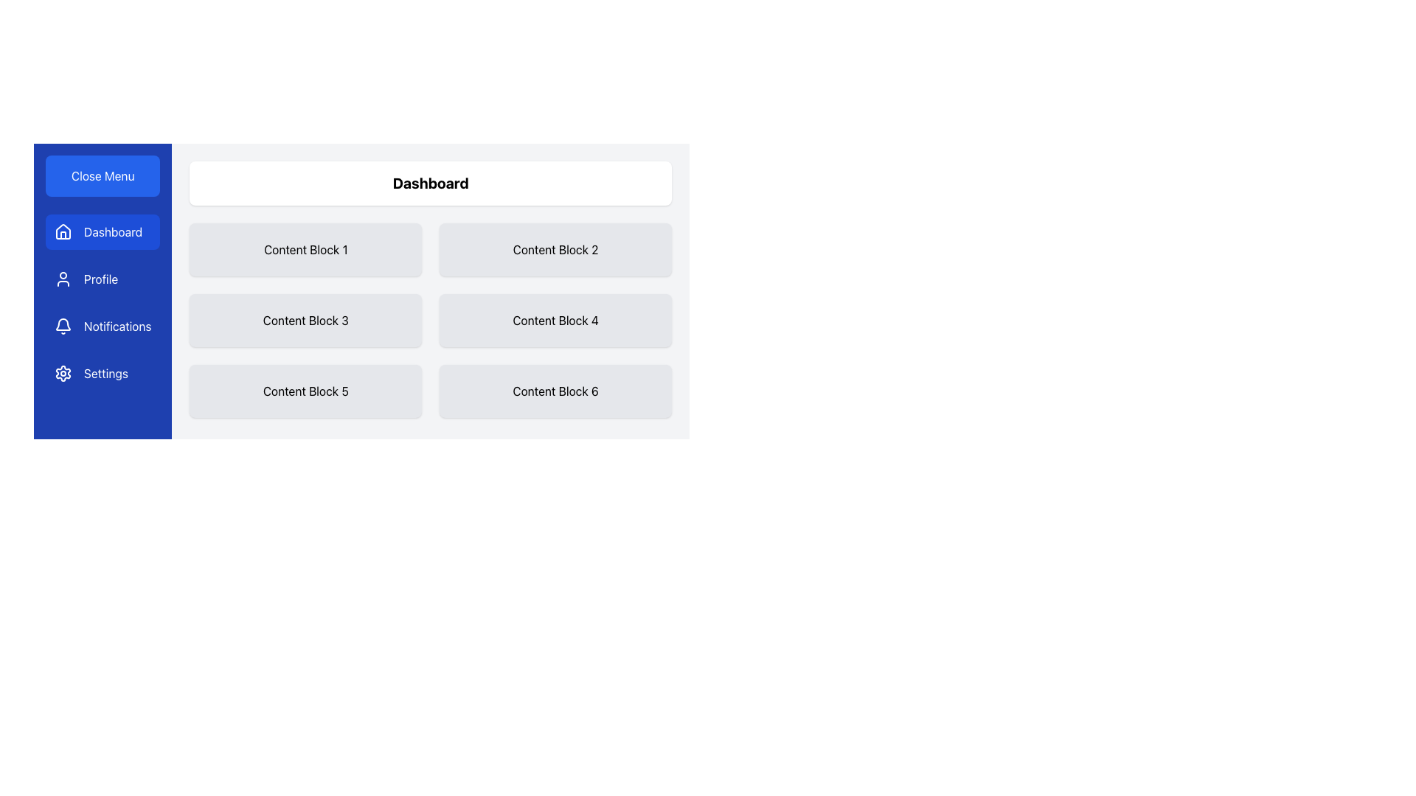 The height and width of the screenshot is (796, 1416). Describe the element at coordinates (117, 326) in the screenshot. I see `the 'Notifications' text label in the vertical navigation bar, which indicates the purpose of the adjacent bell icon and is located below 'Profile' and above 'Settings'` at that location.